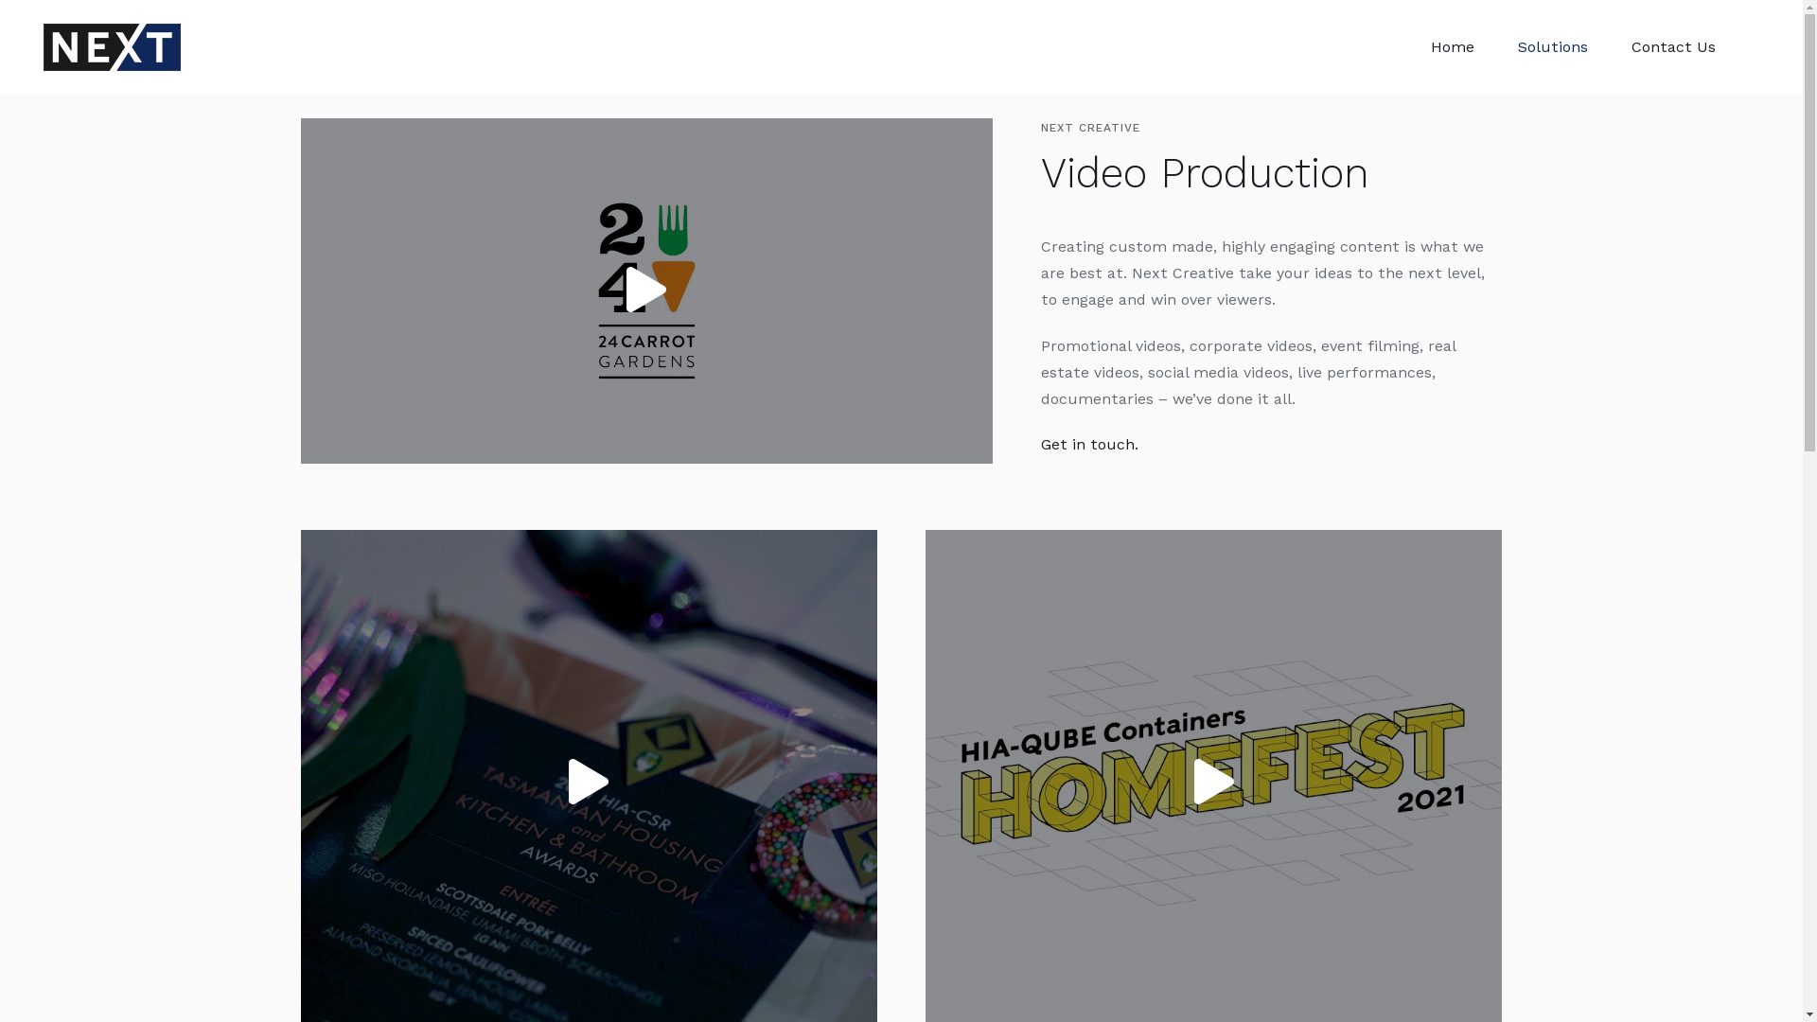  Describe the element at coordinates (1553, 46) in the screenshot. I see `'Solutions'` at that location.